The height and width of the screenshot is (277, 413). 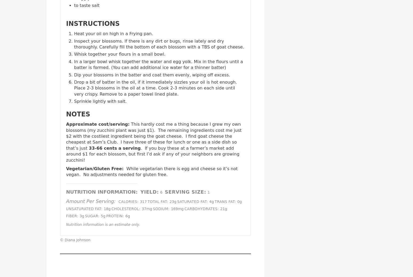 I want to click on 'Drop a bit of batter in the oil, if it immediately sizzles your oil is hot enough. Place 2-3 blossoms in the oil at a time. Cook 2-3 minutes on each side until very crispy. Remove to a paper towel lined plate.', so click(x=155, y=88).